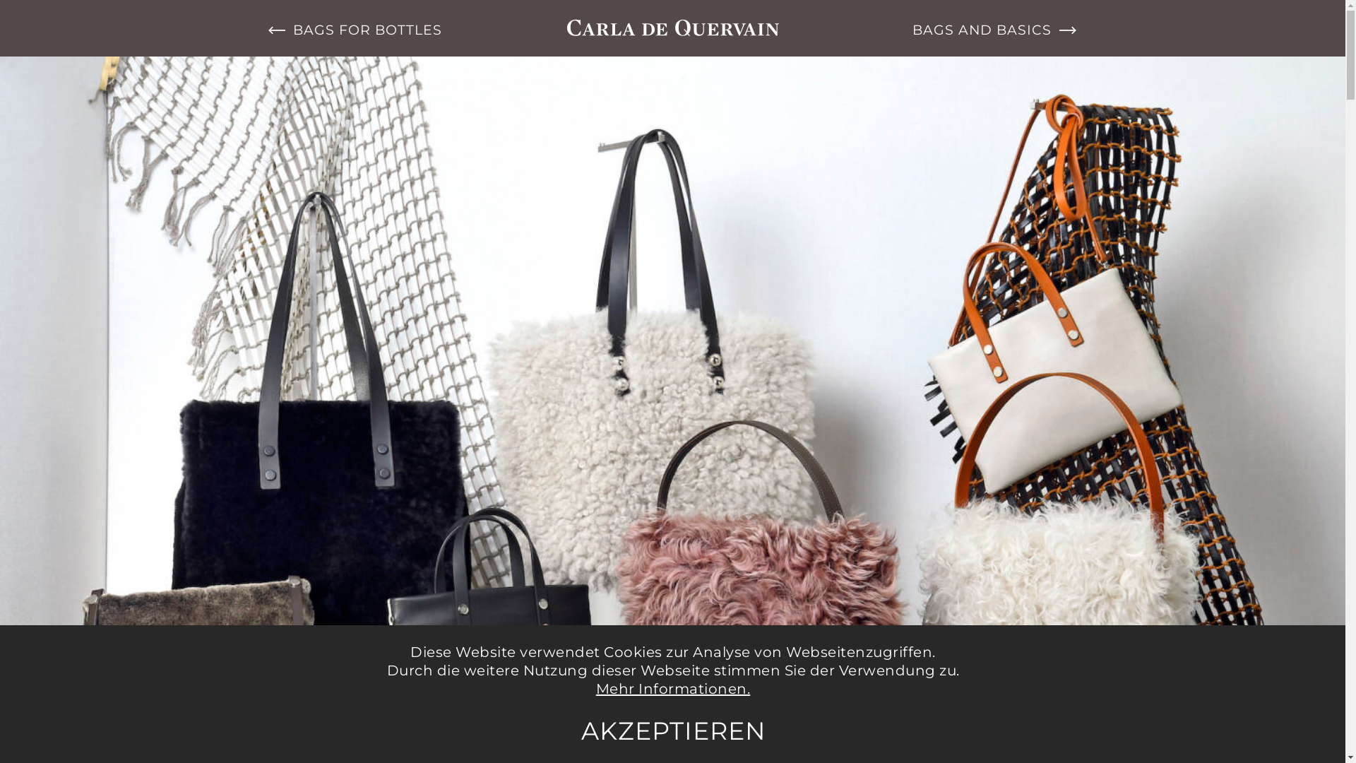  Describe the element at coordinates (672, 731) in the screenshot. I see `'AKZEPTIEREN'` at that location.